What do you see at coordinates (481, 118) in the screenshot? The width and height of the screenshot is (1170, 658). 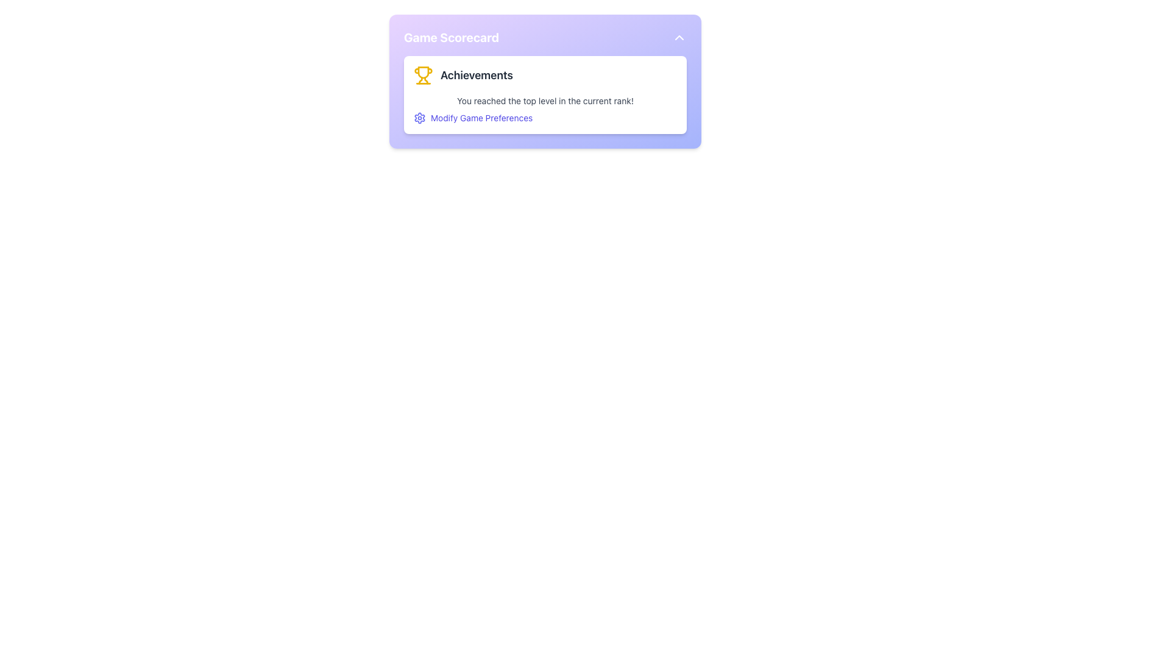 I see `the hyperlink for modifying game preferences located at the bottom of the purple card, next to the gear icon` at bounding box center [481, 118].